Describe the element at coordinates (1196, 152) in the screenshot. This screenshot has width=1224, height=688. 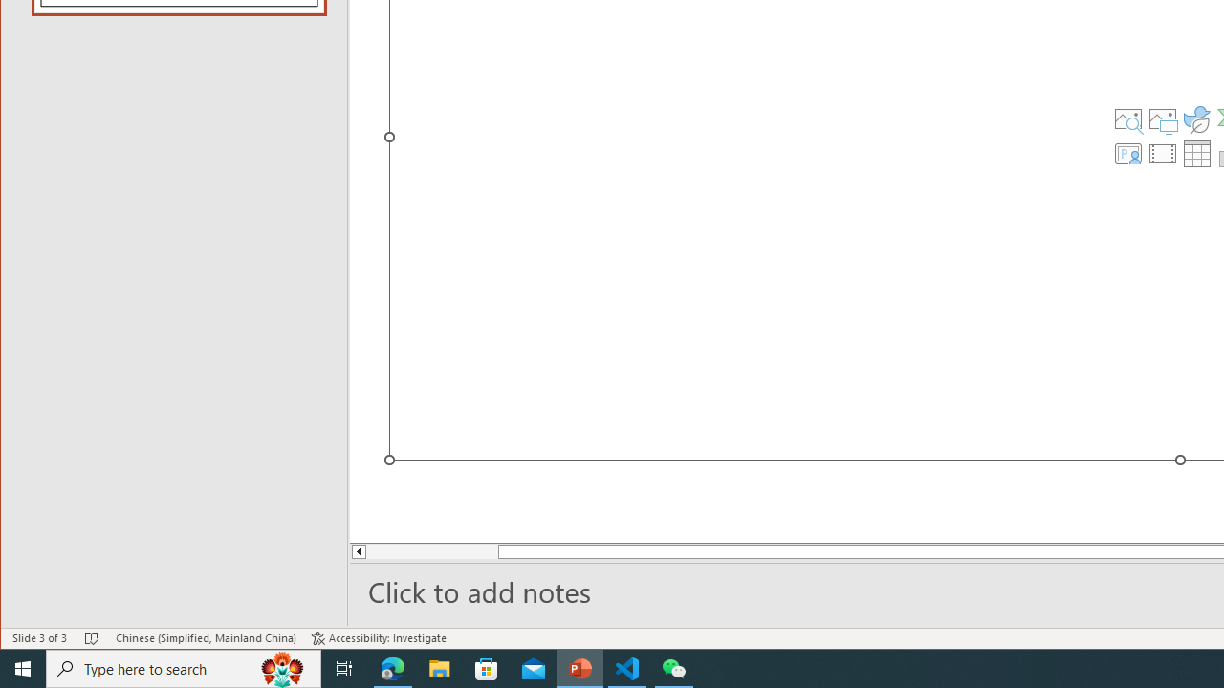
I see `'Insert Table'` at that location.